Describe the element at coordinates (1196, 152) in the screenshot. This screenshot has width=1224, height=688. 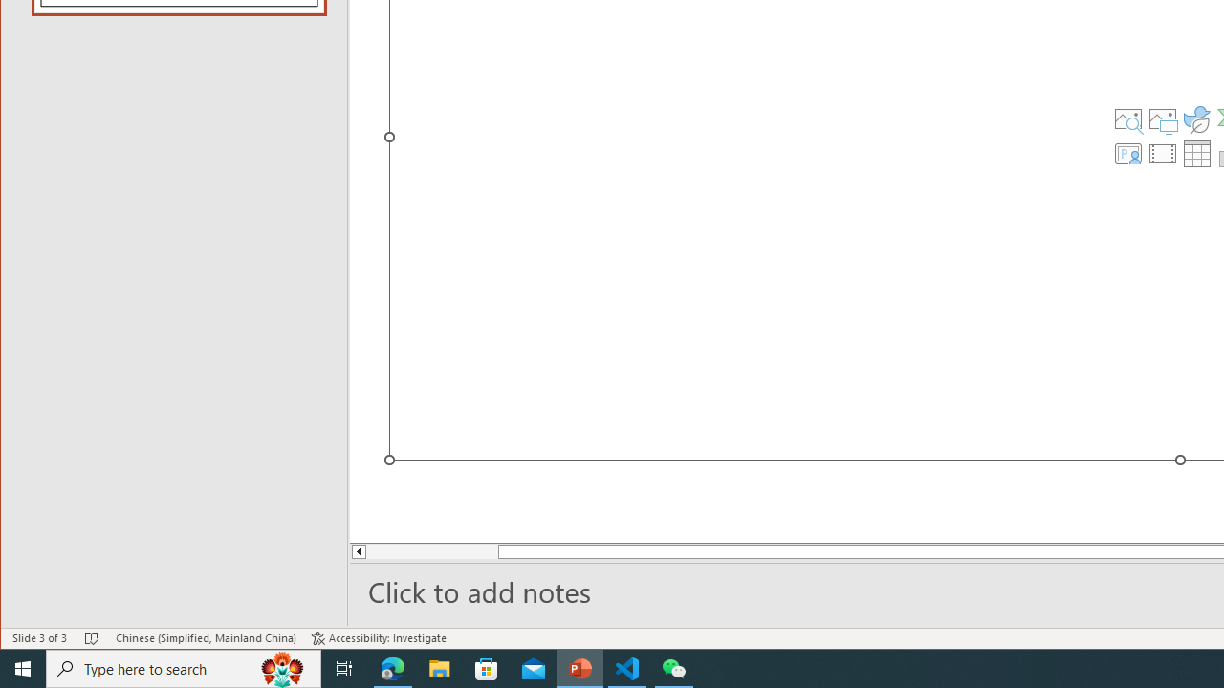
I see `'Insert Table'` at that location.